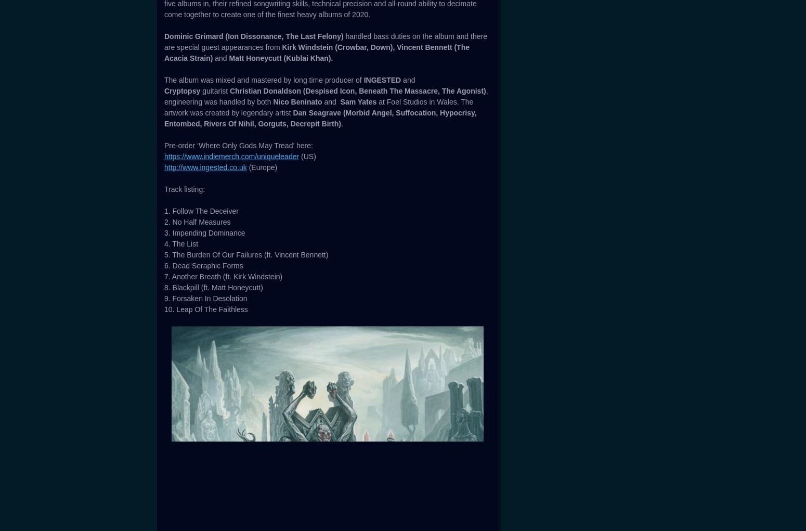 The image size is (806, 531). I want to click on 'at Foel Studios in Wales. The artwork was created by legendary artist', so click(319, 409).